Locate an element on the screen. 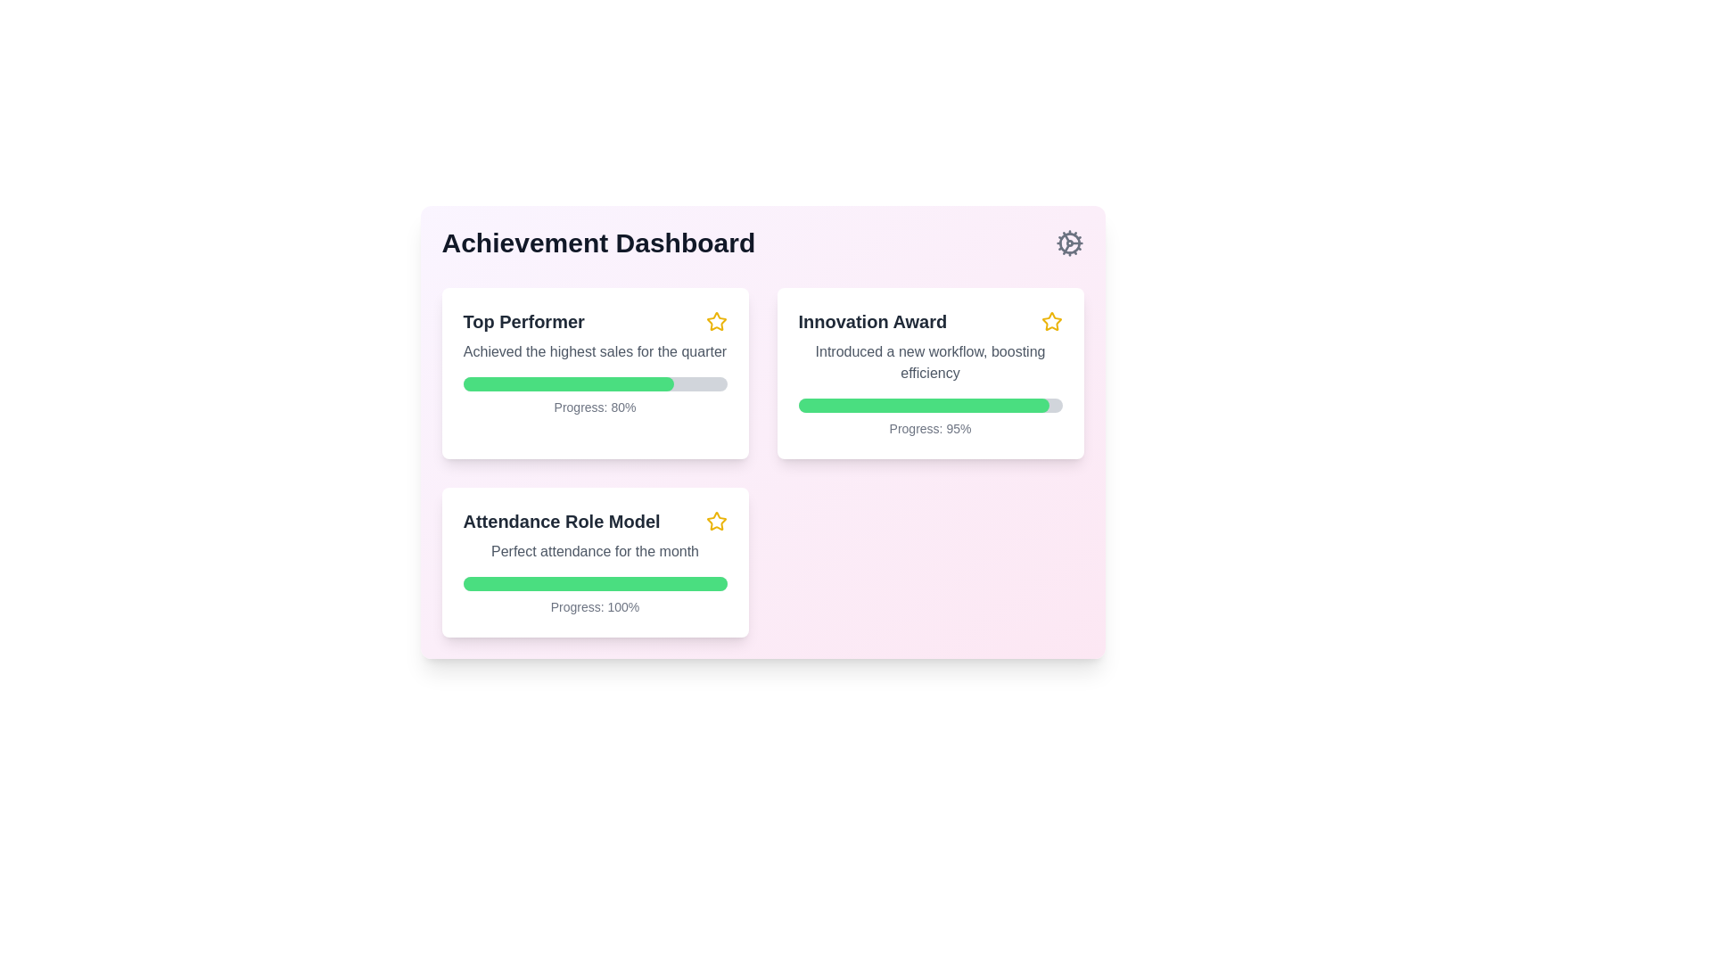  the Progress Bar located within the 'Attendance Role Model' card, which visually indicates a completion status of 100% is located at coordinates (595, 584).